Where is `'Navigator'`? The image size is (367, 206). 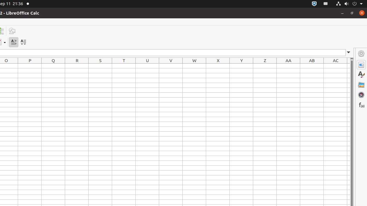
'Navigator' is located at coordinates (361, 94).